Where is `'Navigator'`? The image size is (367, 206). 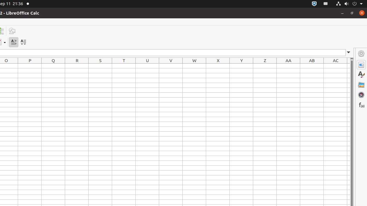
'Navigator' is located at coordinates (361, 94).